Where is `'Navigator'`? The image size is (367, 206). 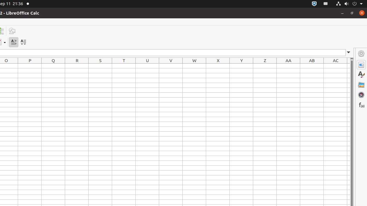
'Navigator' is located at coordinates (361, 94).